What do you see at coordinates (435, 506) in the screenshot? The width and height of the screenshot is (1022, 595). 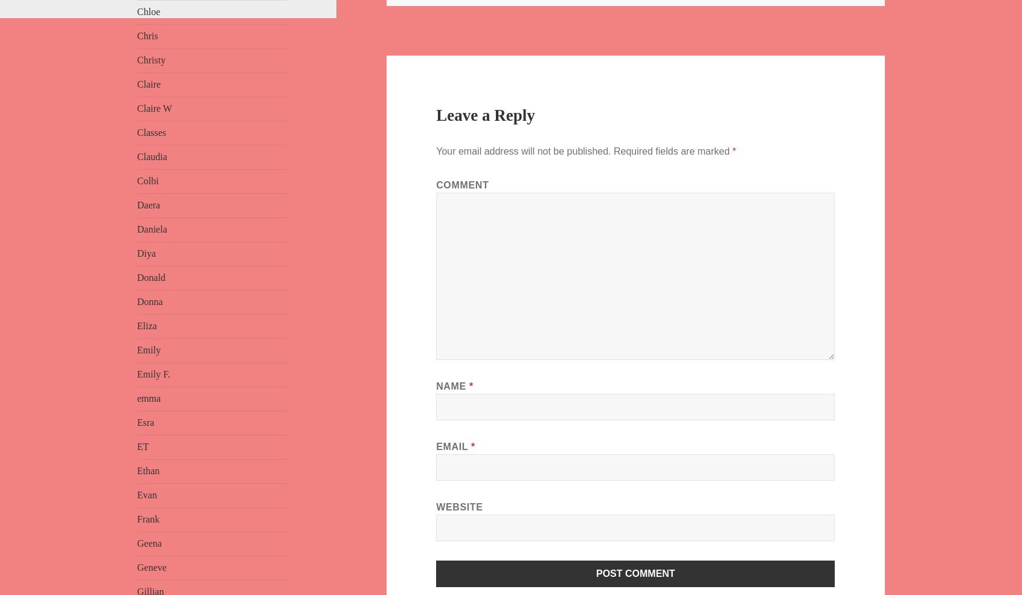 I see `'Website'` at bounding box center [435, 506].